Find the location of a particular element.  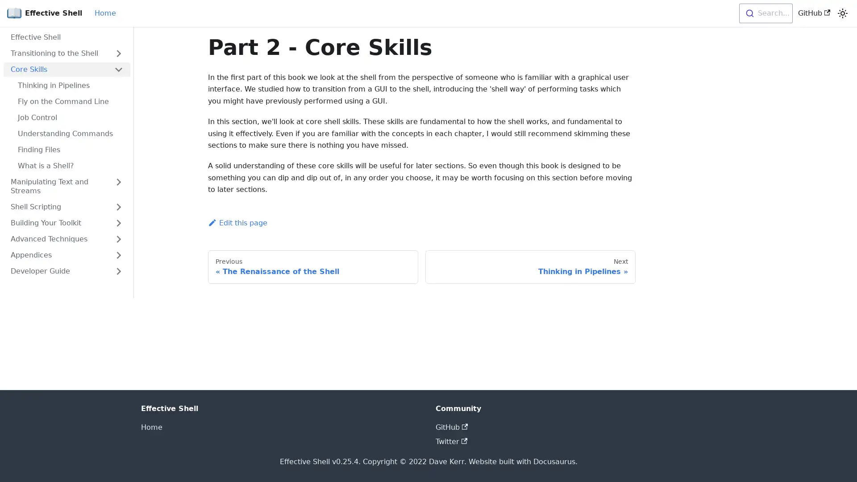

Toggle the collapsible sidebar category 'Shell Scripting' is located at coordinates (118, 207).